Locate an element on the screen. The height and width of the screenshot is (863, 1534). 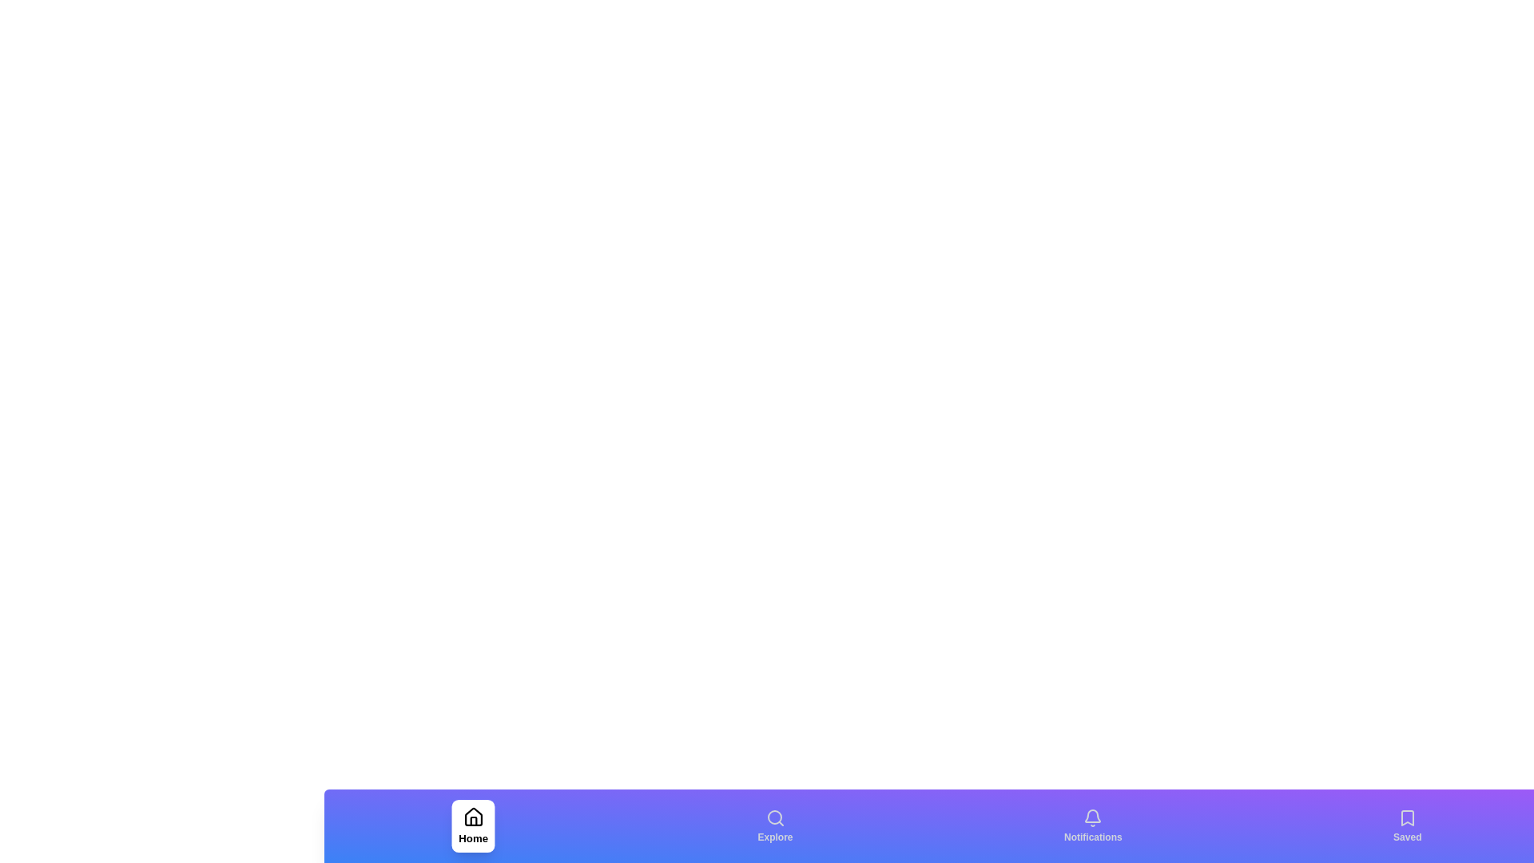
the Home tab by clicking the corresponding button is located at coordinates (471, 825).